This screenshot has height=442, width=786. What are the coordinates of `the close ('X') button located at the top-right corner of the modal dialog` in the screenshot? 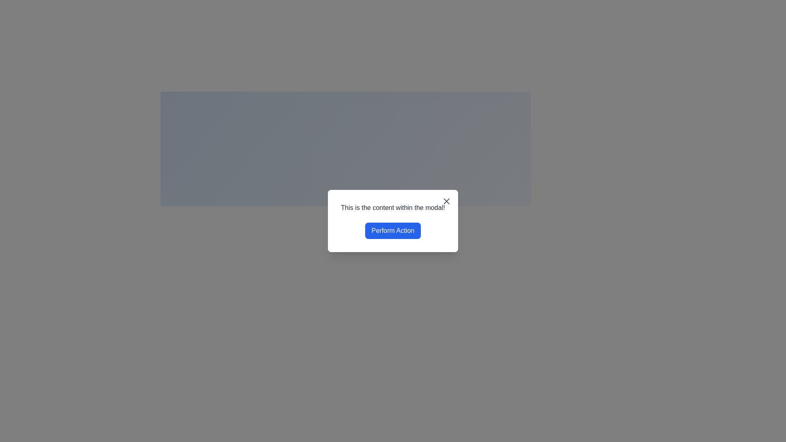 It's located at (446, 201).